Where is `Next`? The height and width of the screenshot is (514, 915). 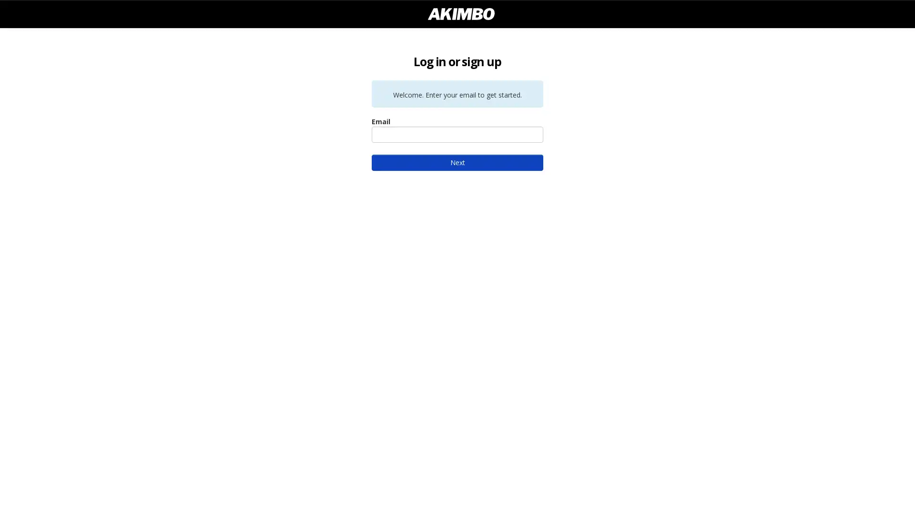
Next is located at coordinates (457, 162).